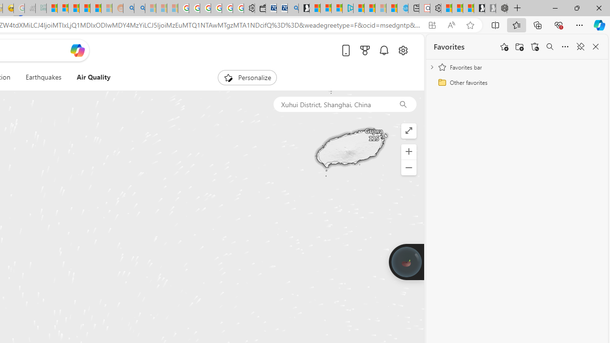  Describe the element at coordinates (282, 8) in the screenshot. I see `'Cheap Car Rentals - Save70.com'` at that location.